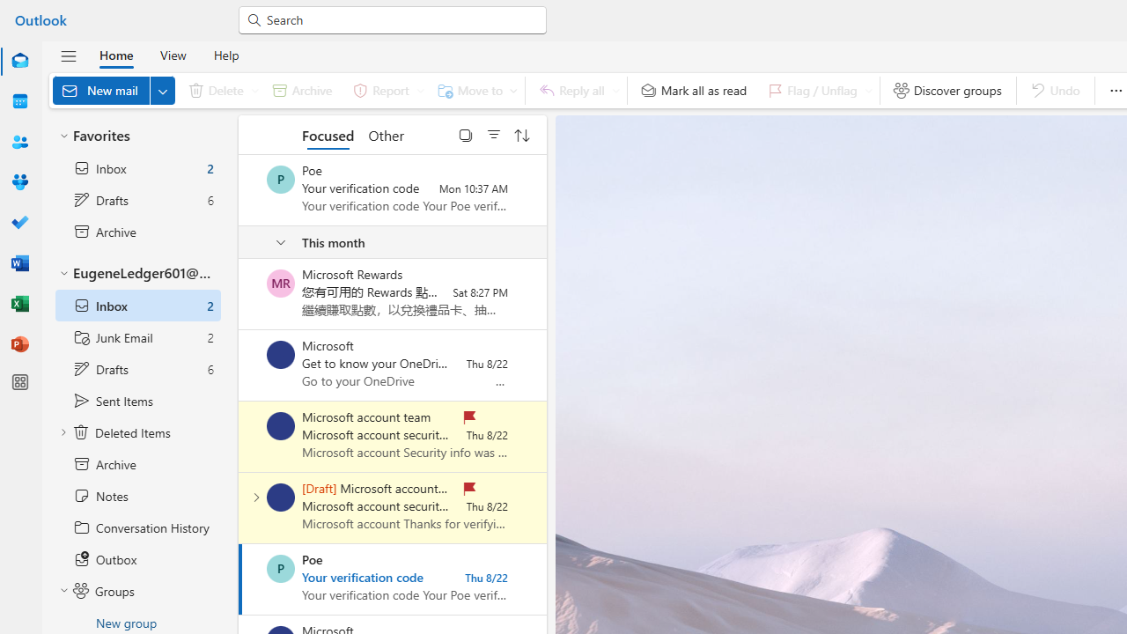 The height and width of the screenshot is (634, 1127). Describe the element at coordinates (20, 222) in the screenshot. I see `'To Do'` at that location.